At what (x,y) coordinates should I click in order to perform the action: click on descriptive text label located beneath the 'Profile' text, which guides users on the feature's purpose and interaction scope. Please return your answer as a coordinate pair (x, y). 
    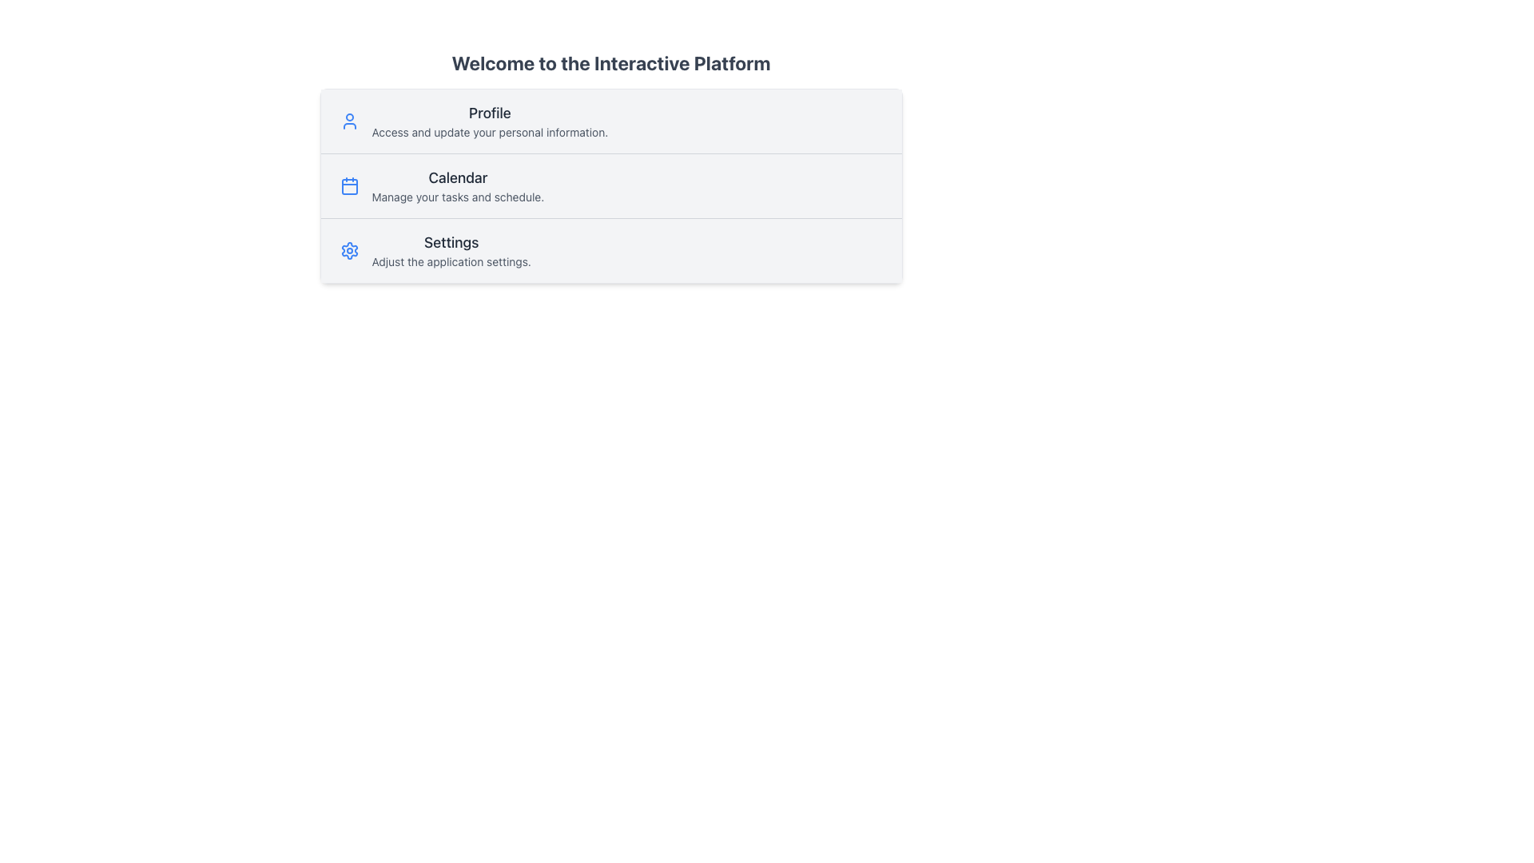
    Looking at the image, I should click on (489, 131).